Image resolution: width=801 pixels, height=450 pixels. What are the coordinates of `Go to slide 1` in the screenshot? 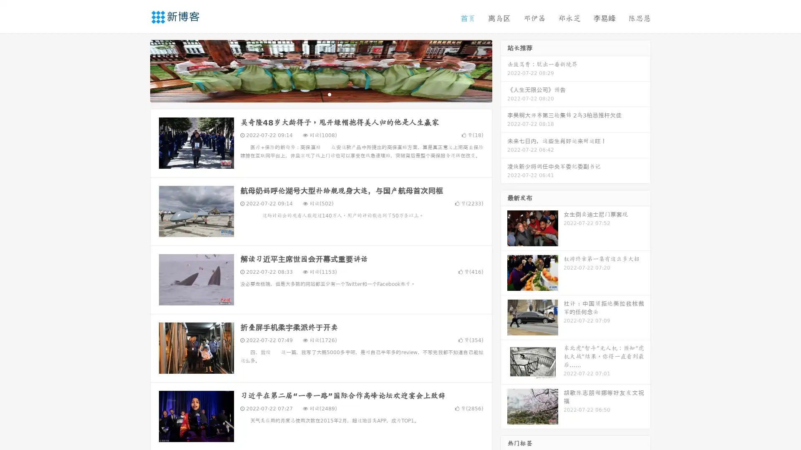 It's located at (312, 94).